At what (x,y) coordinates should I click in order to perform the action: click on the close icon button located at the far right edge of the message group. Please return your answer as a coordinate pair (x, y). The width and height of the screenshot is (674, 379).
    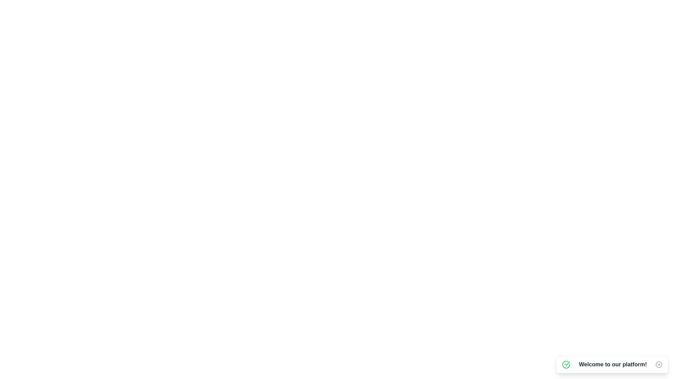
    Looking at the image, I should click on (658, 364).